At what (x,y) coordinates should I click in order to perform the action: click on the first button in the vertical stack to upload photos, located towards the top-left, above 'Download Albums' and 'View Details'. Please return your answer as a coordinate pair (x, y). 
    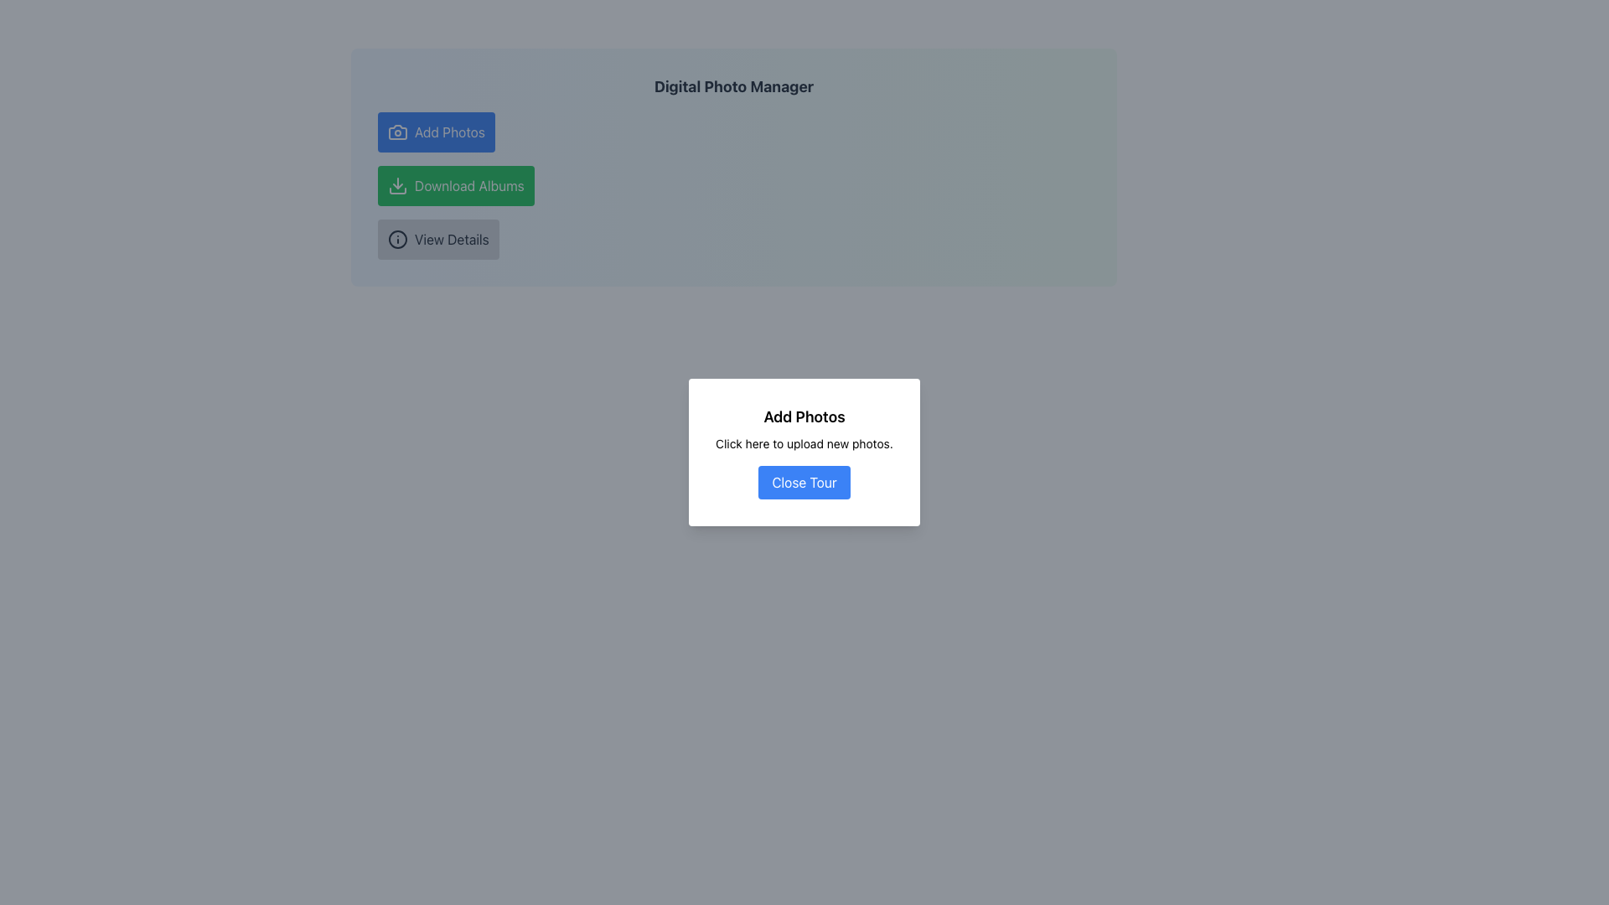
    Looking at the image, I should click on (436, 132).